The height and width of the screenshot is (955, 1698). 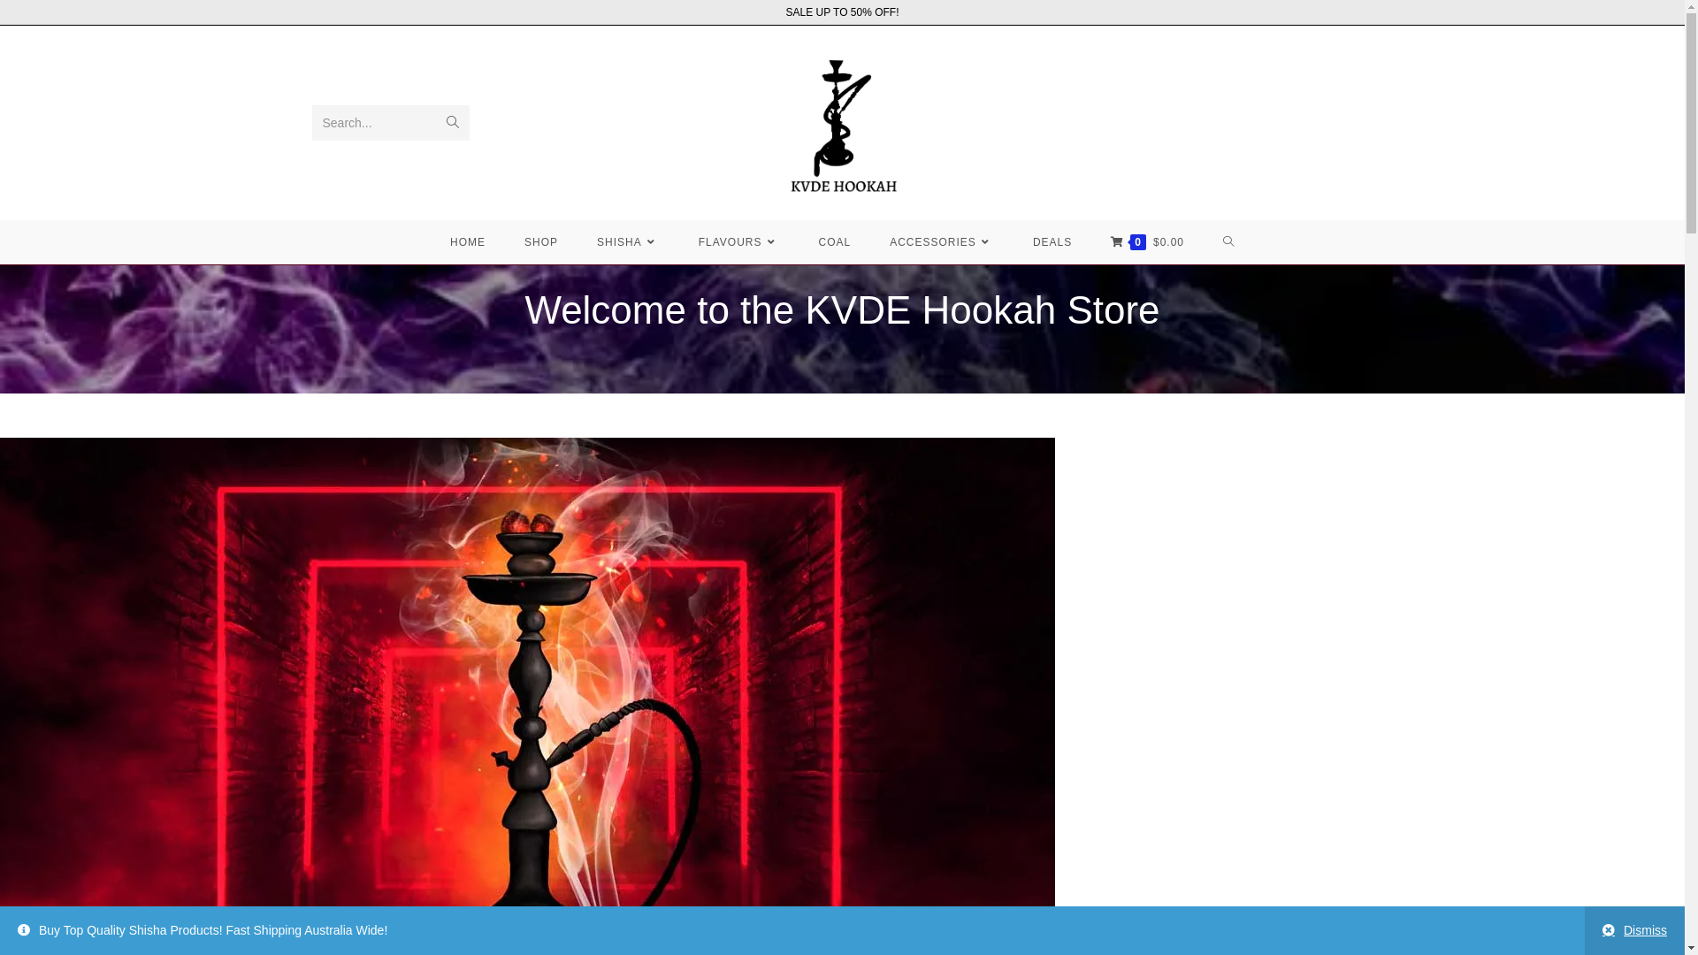 I want to click on 'ACCESSORIES', so click(x=941, y=241).